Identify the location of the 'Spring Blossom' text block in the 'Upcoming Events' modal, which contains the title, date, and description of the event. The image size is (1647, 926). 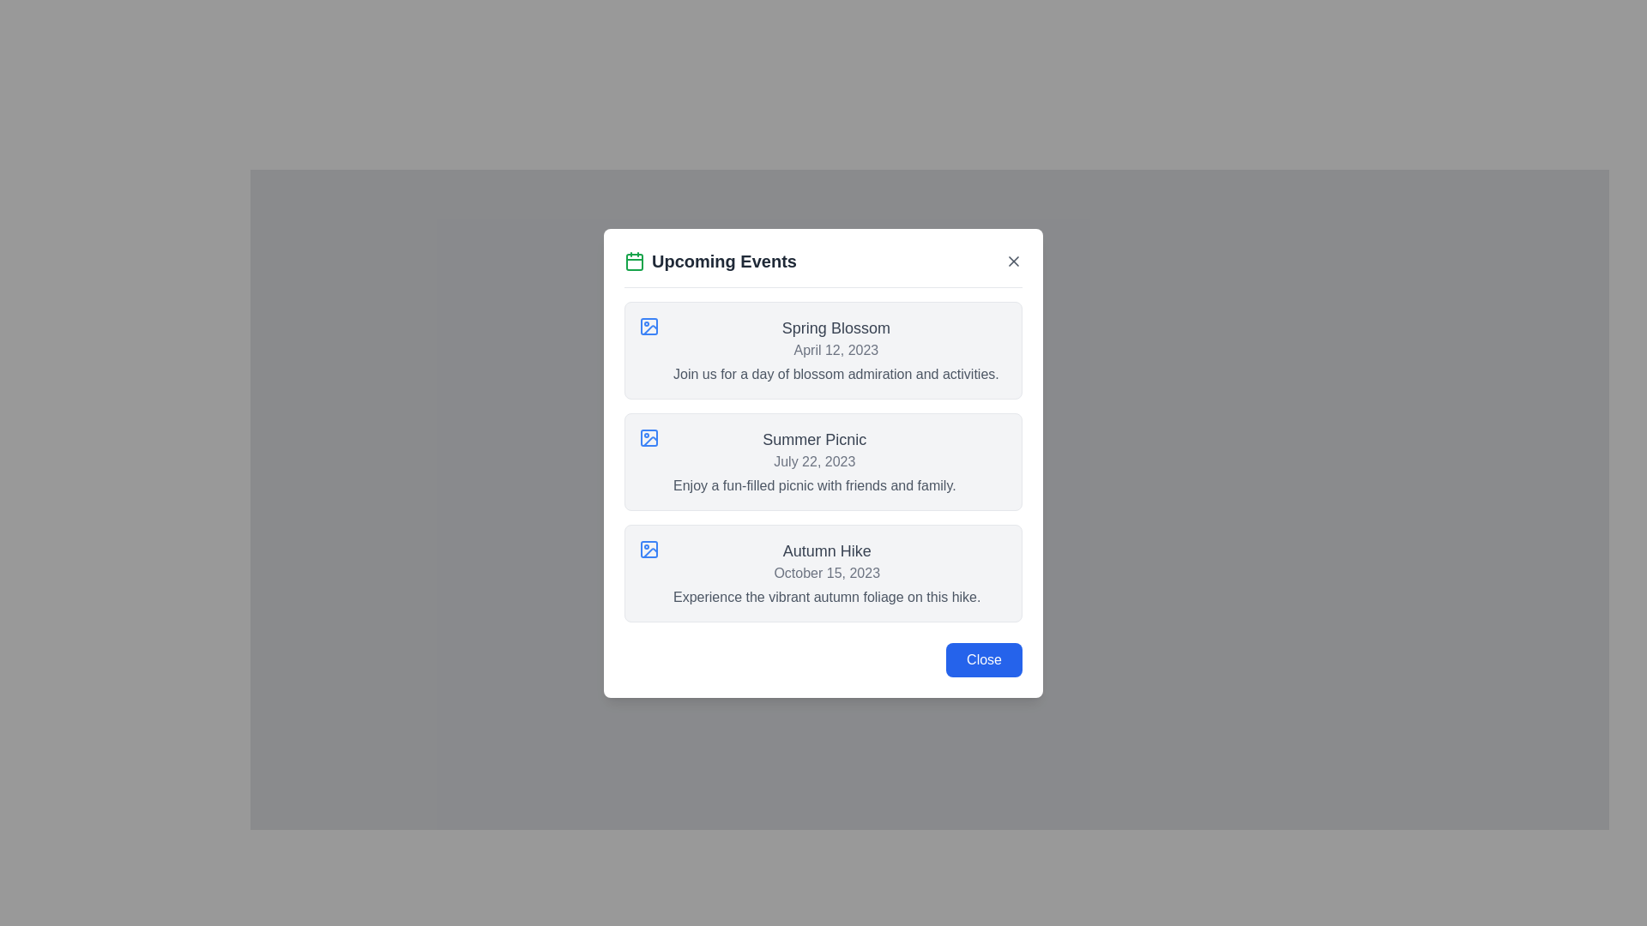
(836, 349).